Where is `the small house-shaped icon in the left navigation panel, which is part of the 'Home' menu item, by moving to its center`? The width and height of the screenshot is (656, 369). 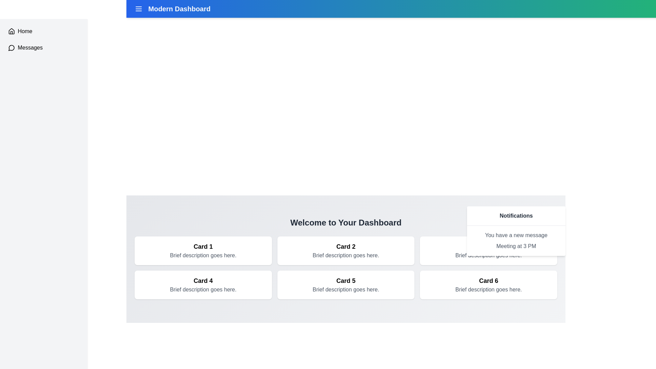 the small house-shaped icon in the left navigation panel, which is part of the 'Home' menu item, by moving to its center is located at coordinates (11, 31).